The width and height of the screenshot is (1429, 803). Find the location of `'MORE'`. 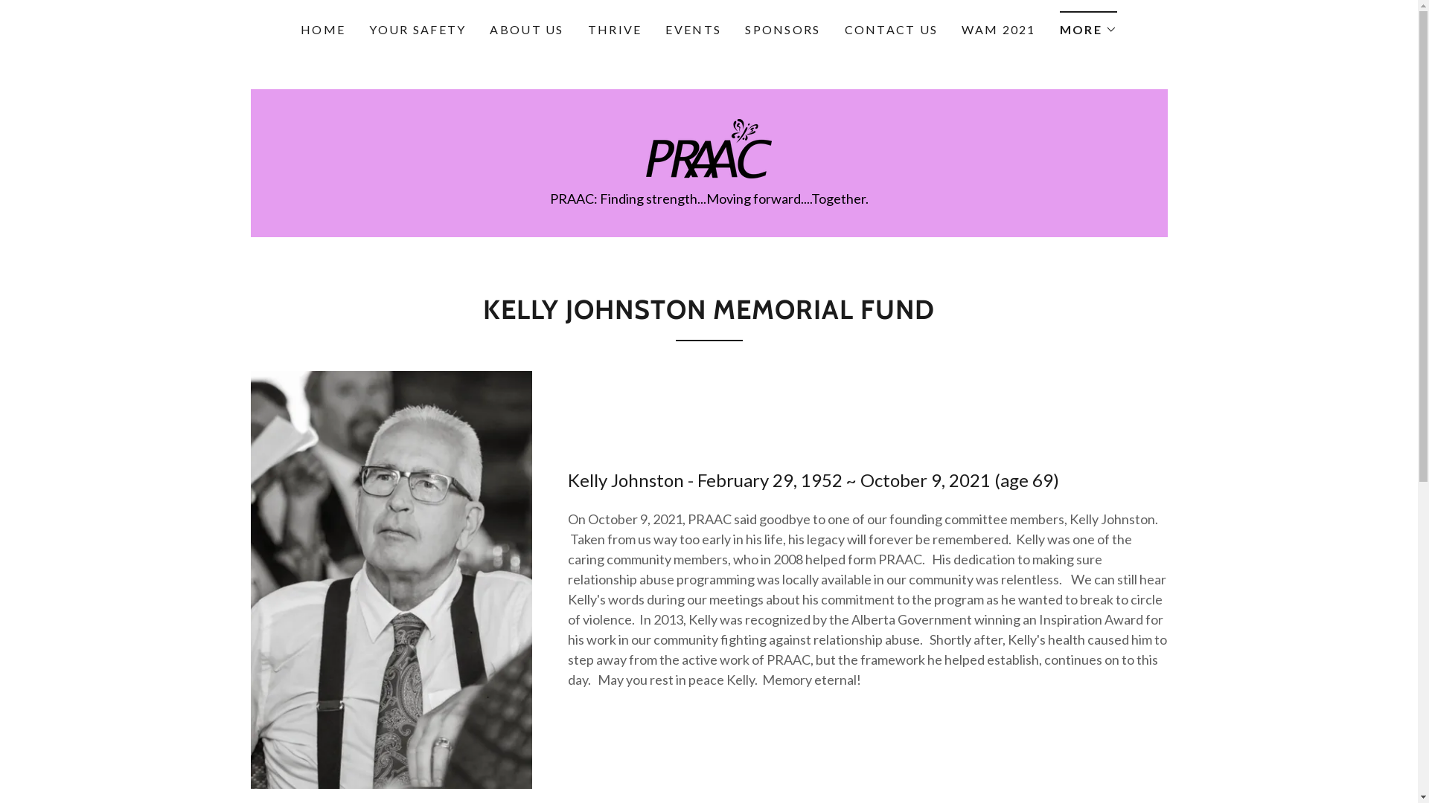

'MORE' is located at coordinates (1088, 25).